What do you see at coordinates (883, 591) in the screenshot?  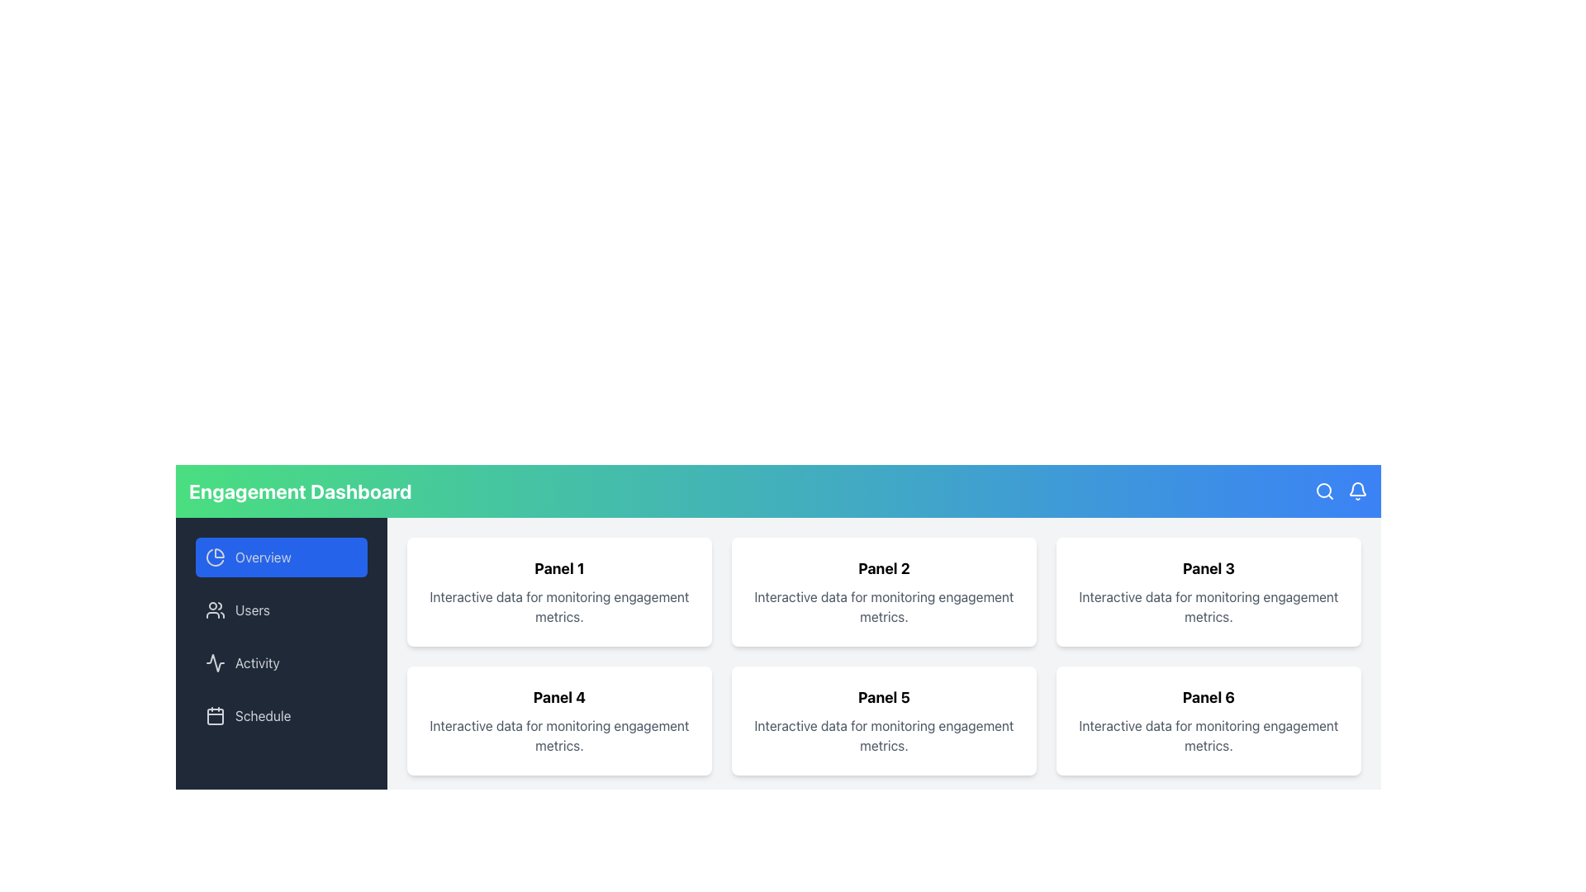 I see `information contained in the white rectangular Informational card titled 'Panel 2' that displays engagement metrics` at bounding box center [883, 591].